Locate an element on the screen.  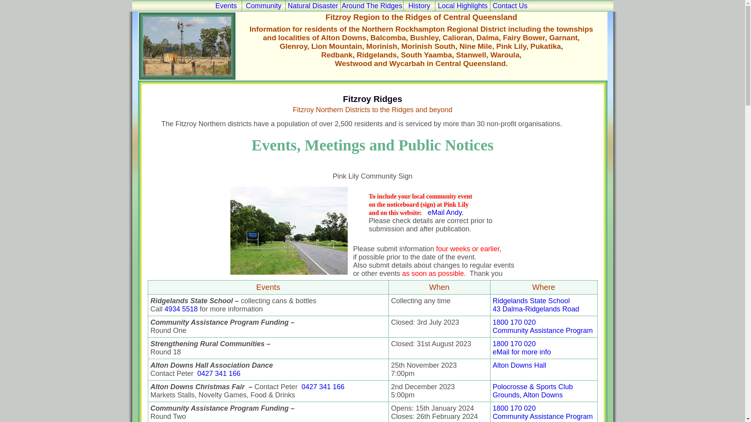
'1800 170 020' is located at coordinates (514, 322).